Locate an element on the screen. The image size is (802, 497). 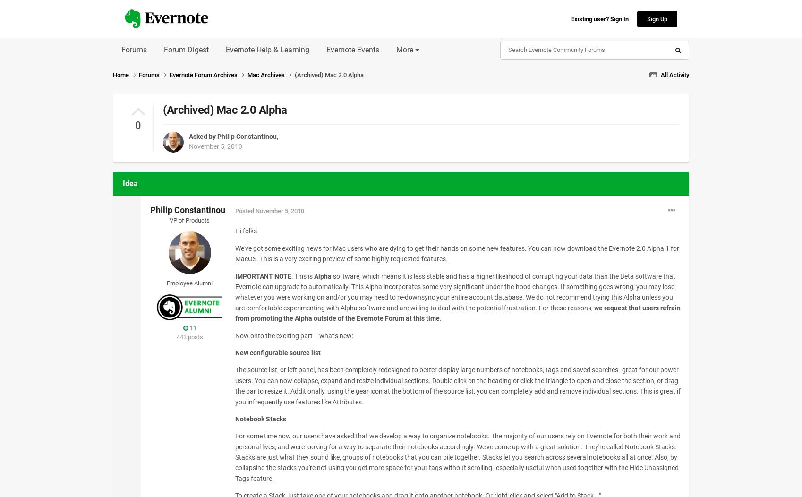
'All Activity' is located at coordinates (675, 74).